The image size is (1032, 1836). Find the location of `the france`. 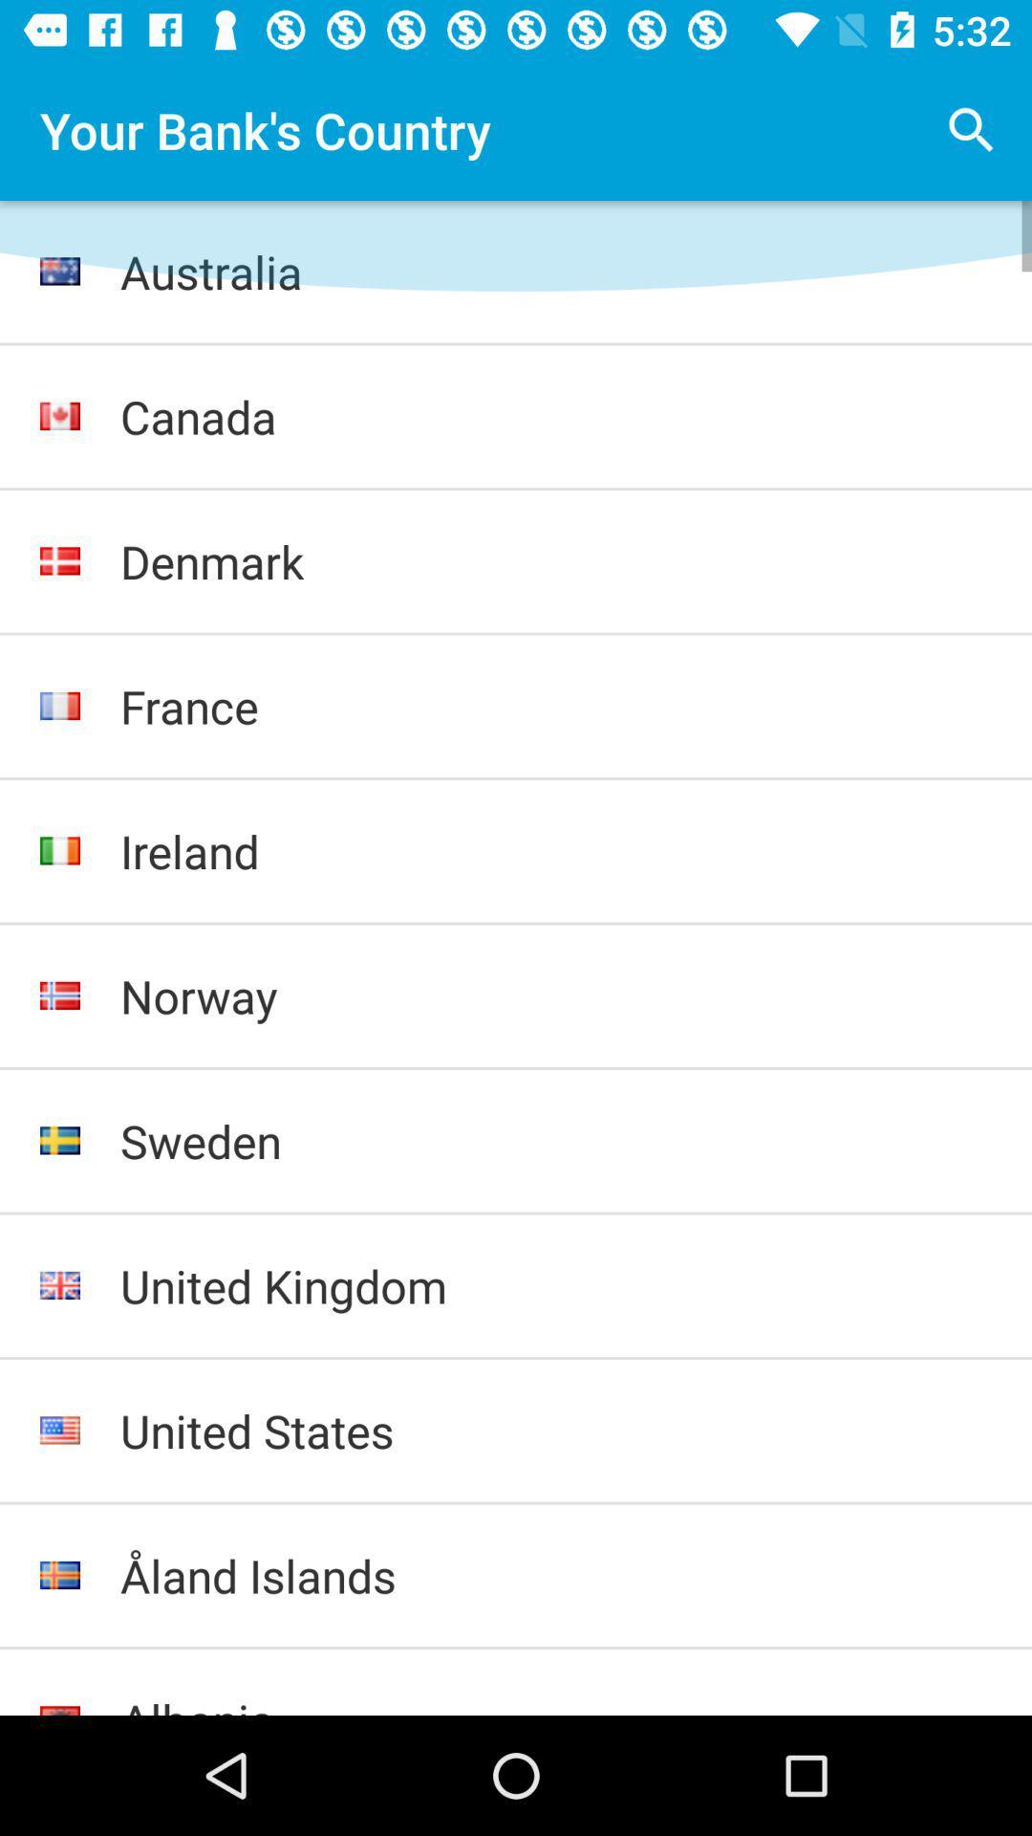

the france is located at coordinates (556, 705).